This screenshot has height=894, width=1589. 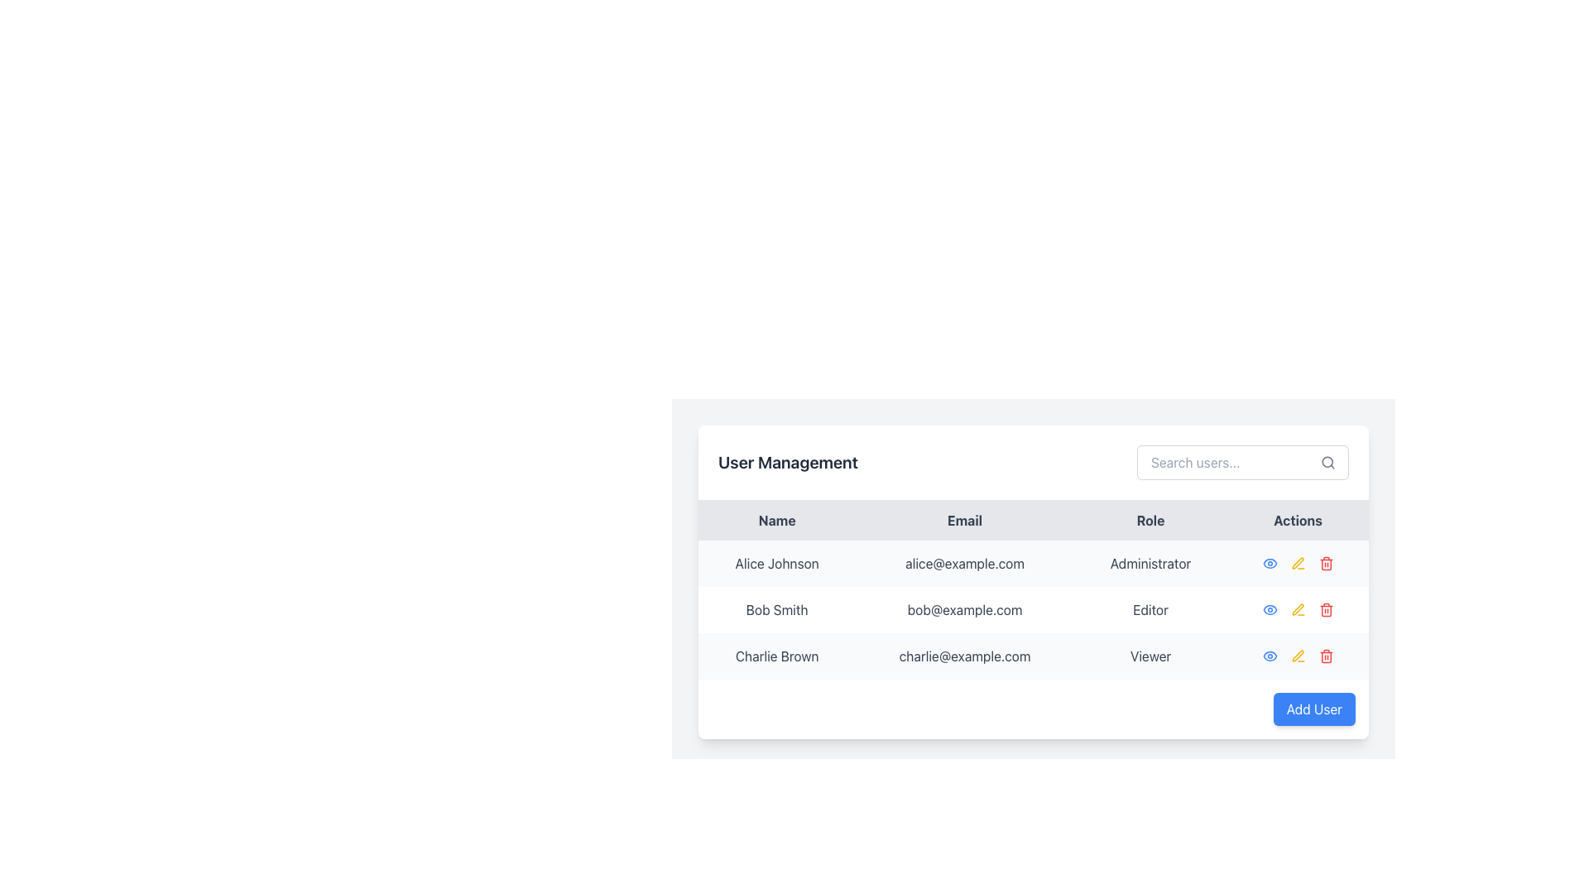 I want to click on the red trash icon in the 'Actions' column of the third row, so click(x=1326, y=563).